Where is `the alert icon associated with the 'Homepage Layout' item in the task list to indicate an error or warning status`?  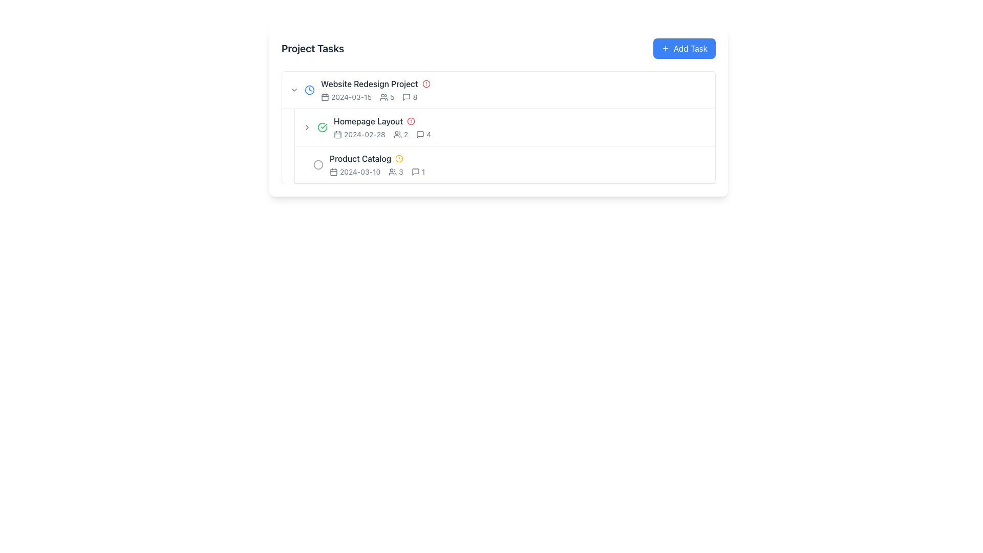
the alert icon associated with the 'Homepage Layout' item in the task list to indicate an error or warning status is located at coordinates (411, 120).